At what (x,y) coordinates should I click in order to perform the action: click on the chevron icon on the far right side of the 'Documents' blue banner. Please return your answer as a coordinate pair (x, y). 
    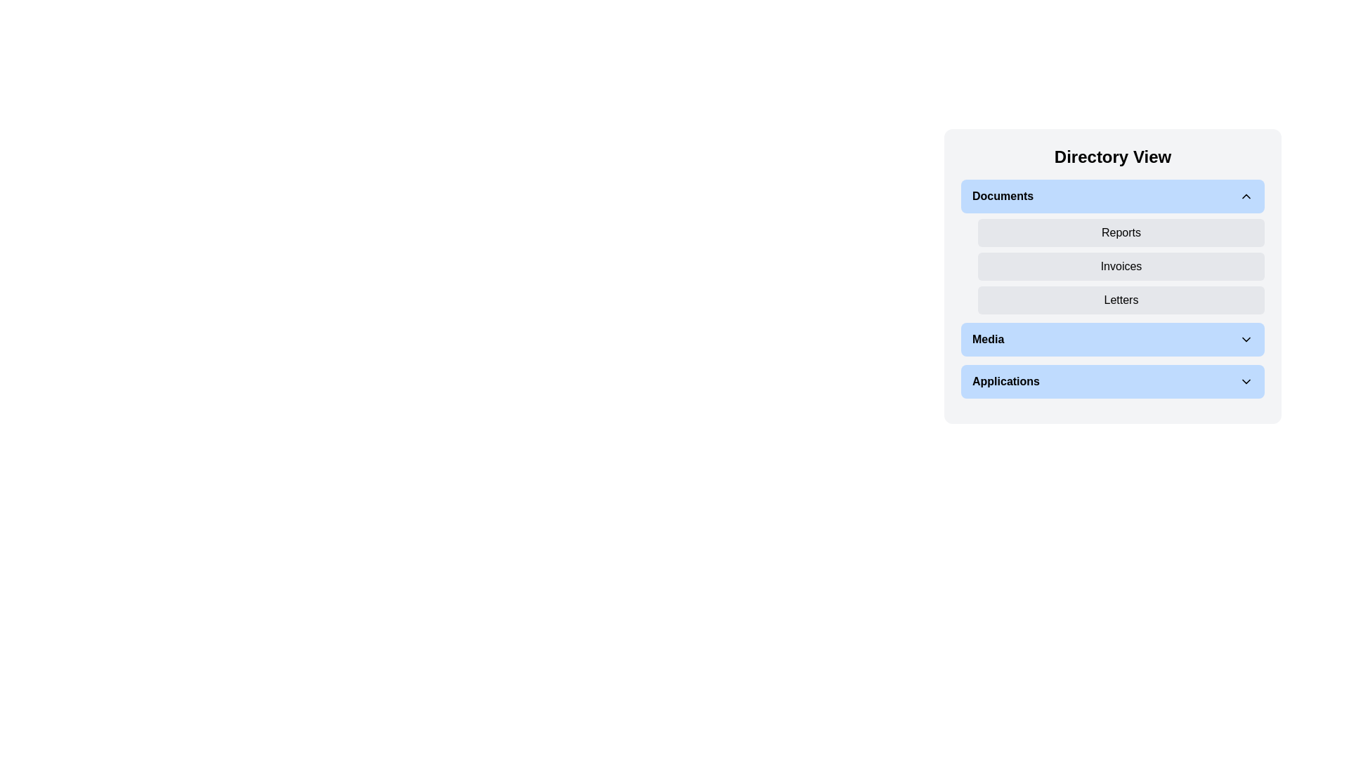
    Looking at the image, I should click on (1246, 197).